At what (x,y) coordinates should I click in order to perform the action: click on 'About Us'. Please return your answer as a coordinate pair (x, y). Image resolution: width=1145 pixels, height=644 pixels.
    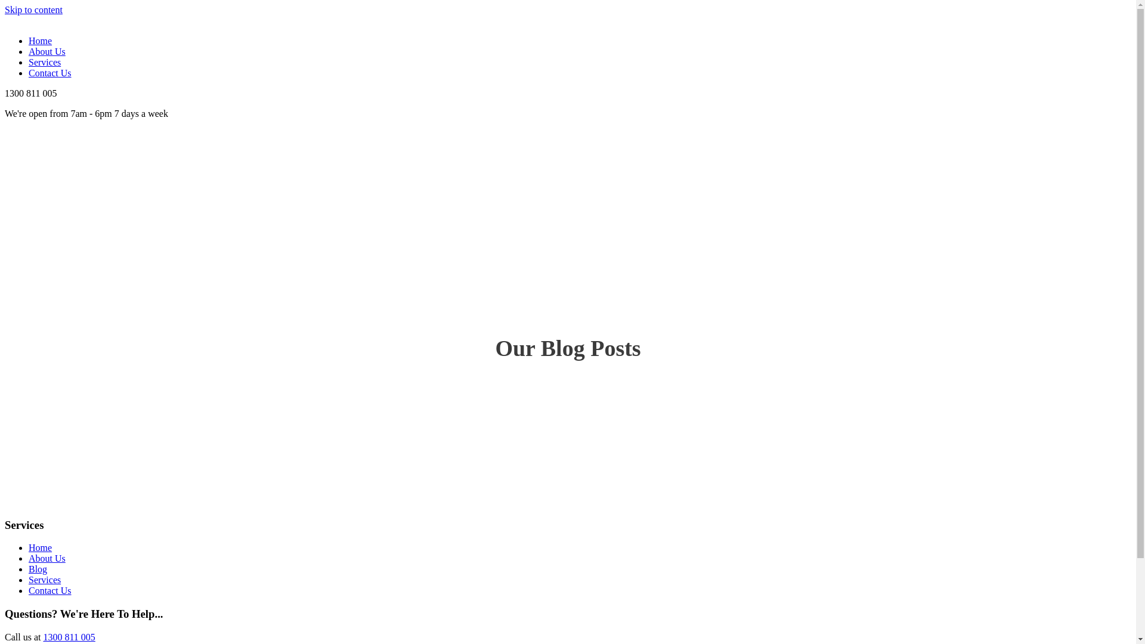
    Looking at the image, I should click on (29, 51).